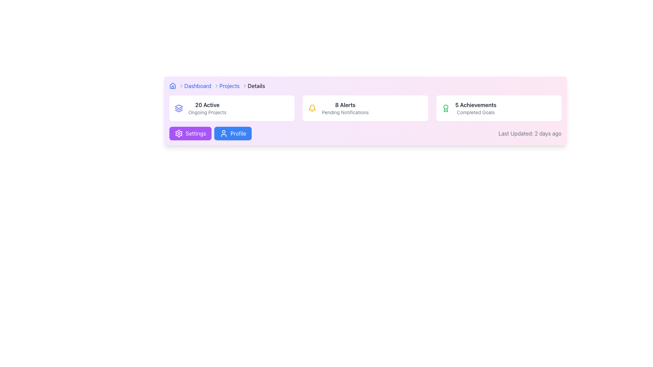 This screenshot has width=653, height=367. What do you see at coordinates (207, 108) in the screenshot?
I see `the textual information display element that shows '20 Active' and is labeled 'Ongoing Projects', located in the second card of the dashboard page` at bounding box center [207, 108].